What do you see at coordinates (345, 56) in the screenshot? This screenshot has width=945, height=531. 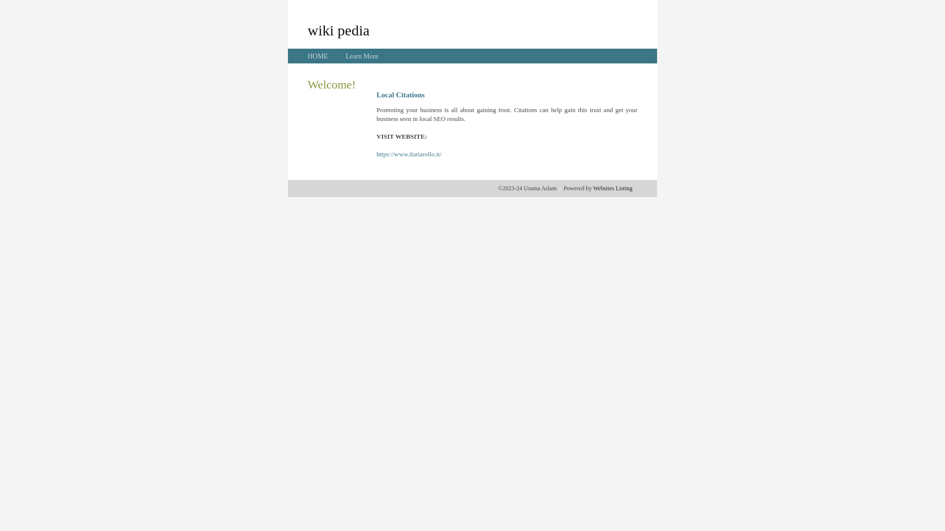 I see `'Learn More'` at bounding box center [345, 56].